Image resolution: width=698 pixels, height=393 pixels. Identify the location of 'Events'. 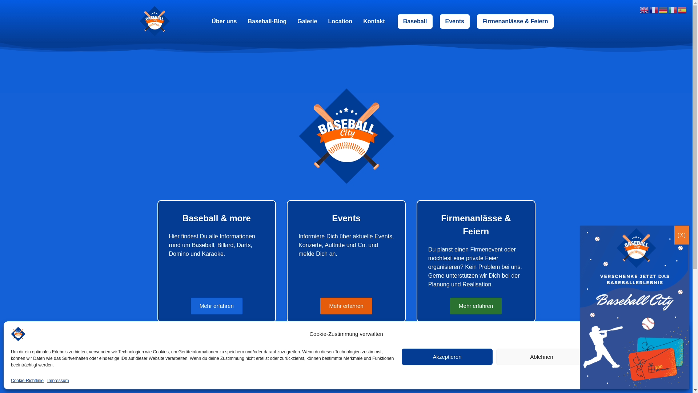
(454, 20).